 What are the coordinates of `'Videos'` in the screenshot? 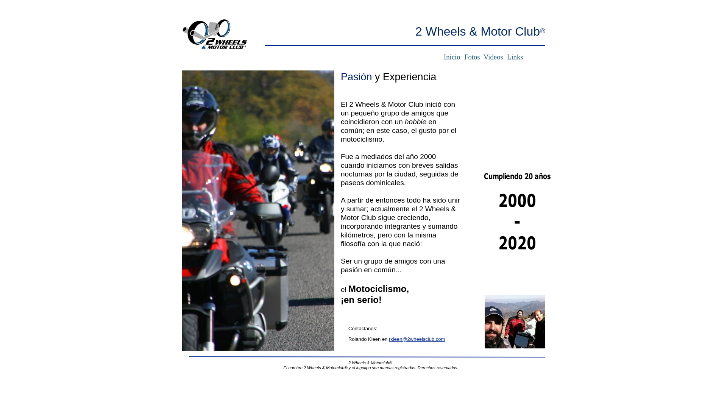 It's located at (481, 56).